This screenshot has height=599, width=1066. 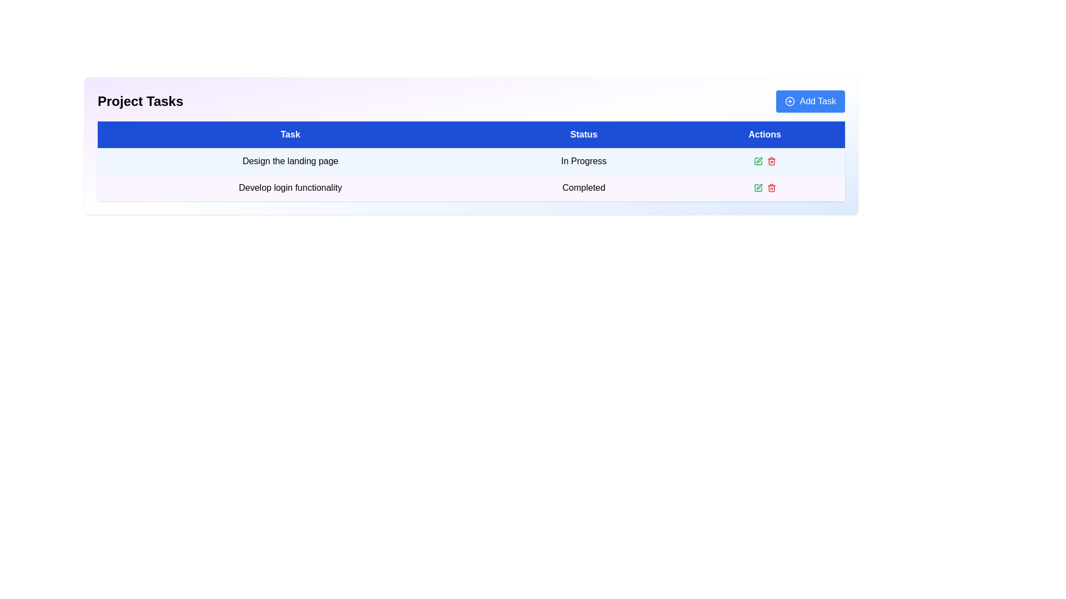 I want to click on the 'Add Task' button, which is a rectangular button with a blue background and white text, located on the right side of the header section labeled 'Project Tasks', so click(x=811, y=101).